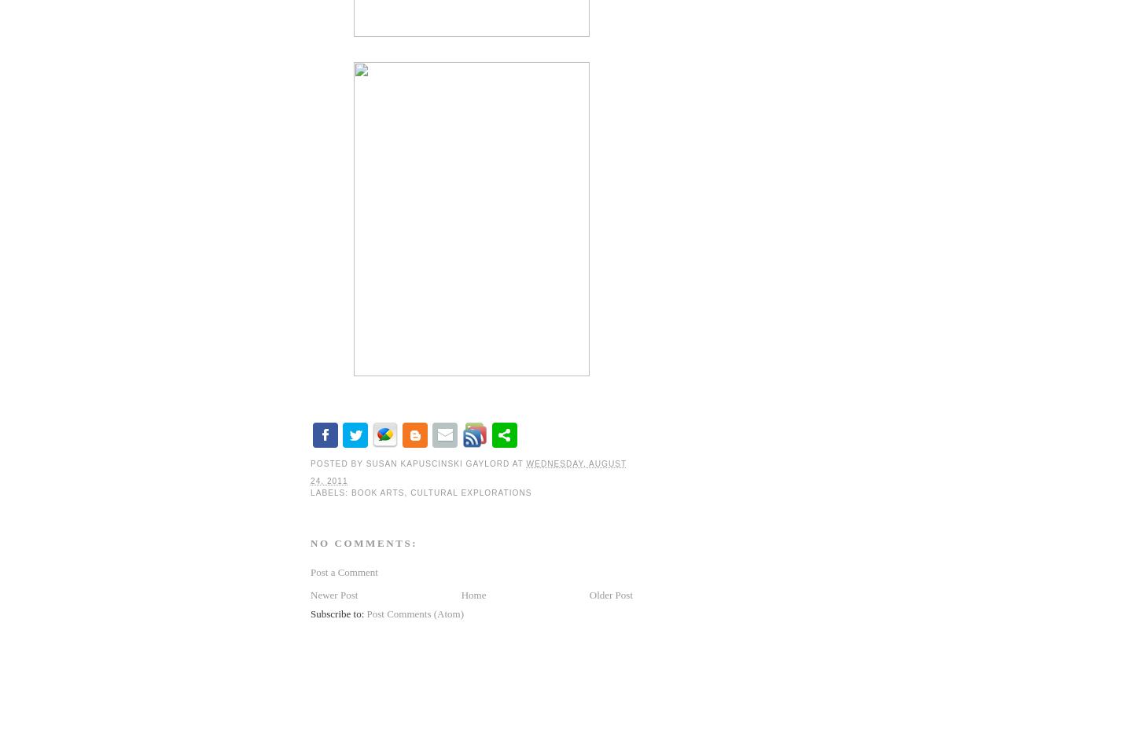 This screenshot has width=1140, height=751. What do you see at coordinates (362, 543) in the screenshot?
I see `'No comments:'` at bounding box center [362, 543].